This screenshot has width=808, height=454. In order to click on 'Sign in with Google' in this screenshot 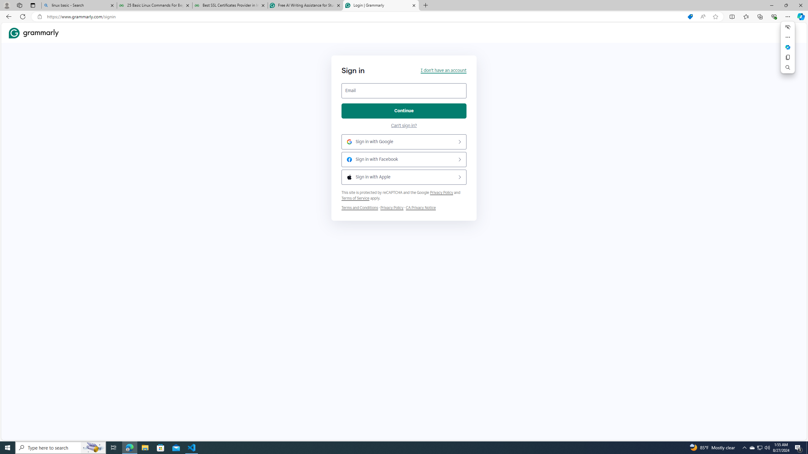, I will do `click(404, 142)`.